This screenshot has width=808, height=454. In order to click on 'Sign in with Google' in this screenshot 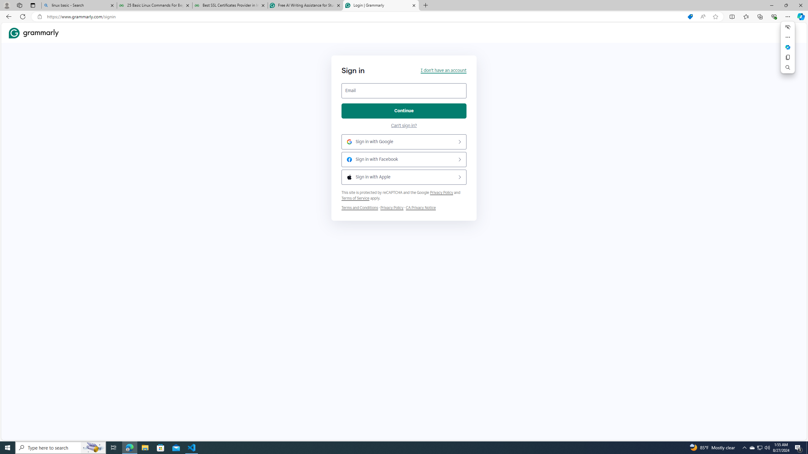, I will do `click(404, 142)`.